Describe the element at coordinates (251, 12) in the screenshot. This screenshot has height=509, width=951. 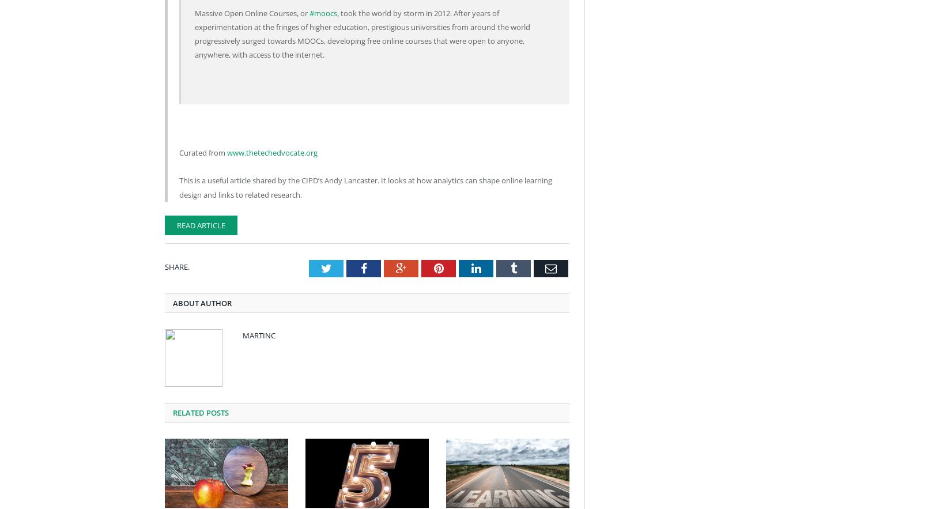
I see `'Massive Open Online Courses, or'` at that location.